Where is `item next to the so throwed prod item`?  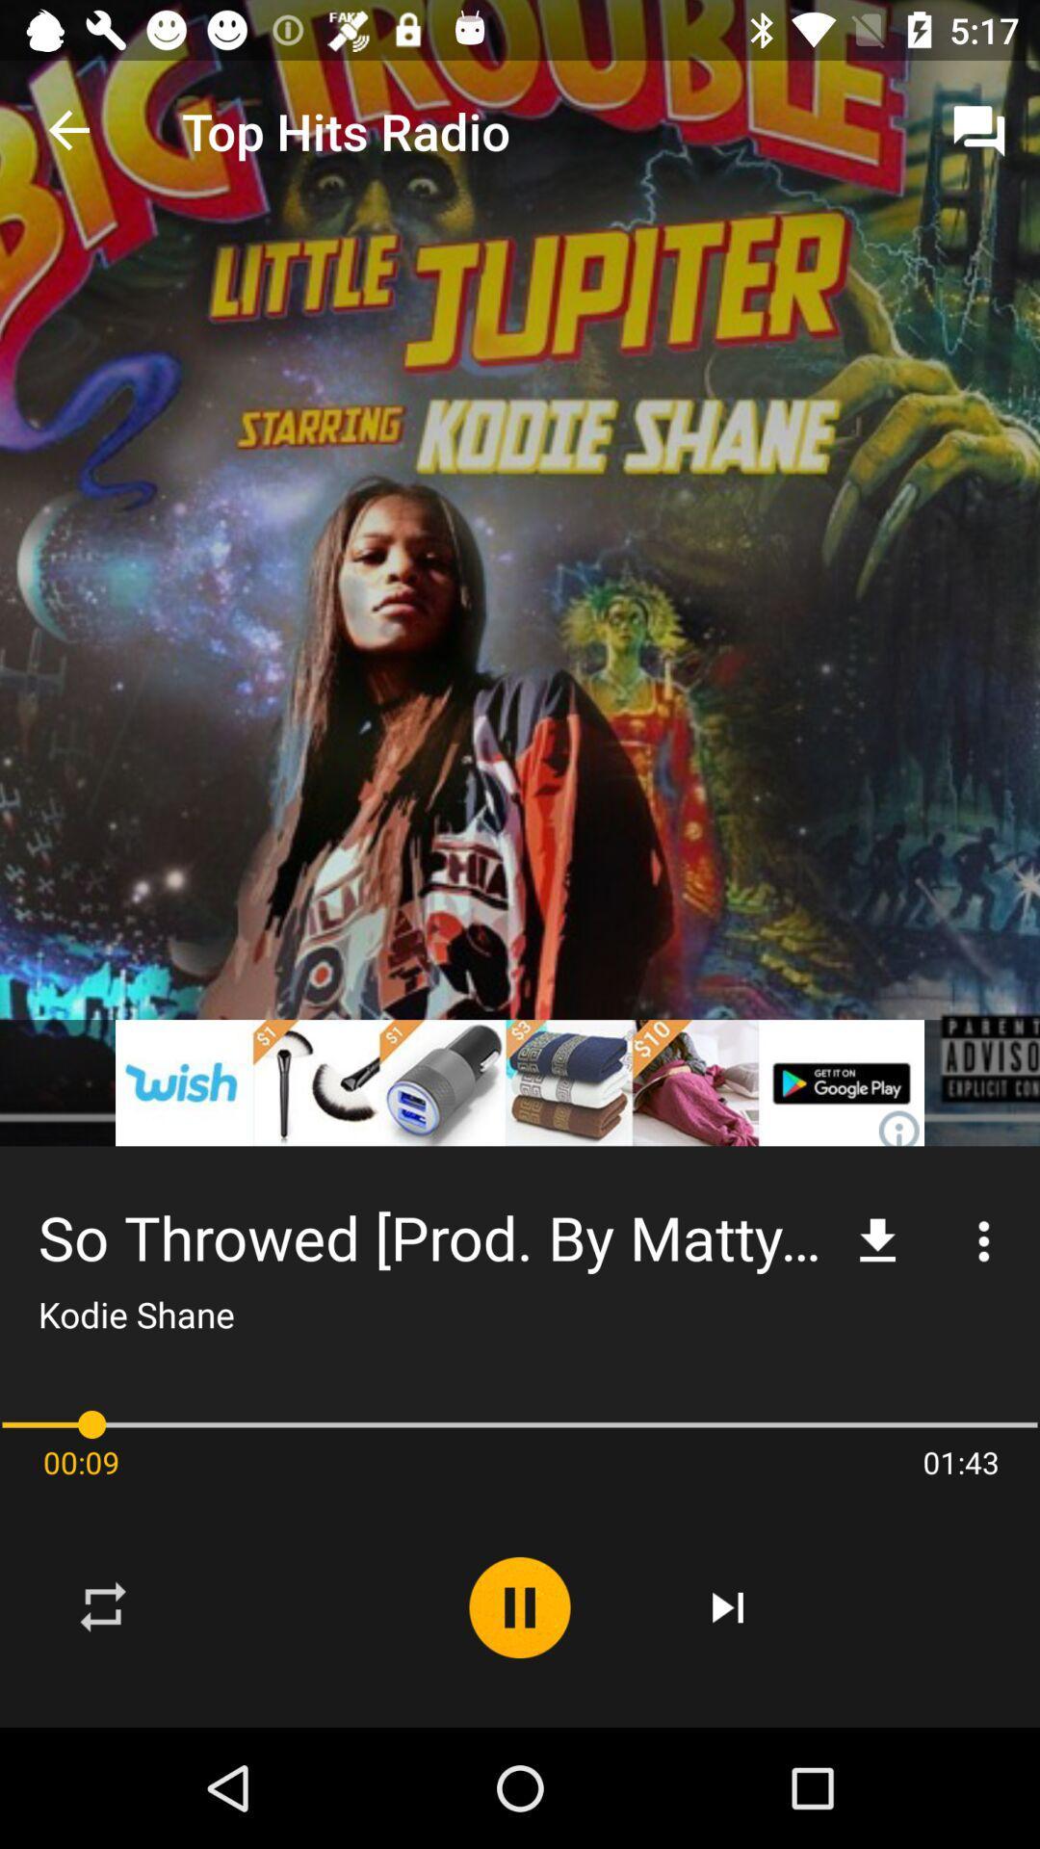 item next to the so throwed prod item is located at coordinates (877, 1241).